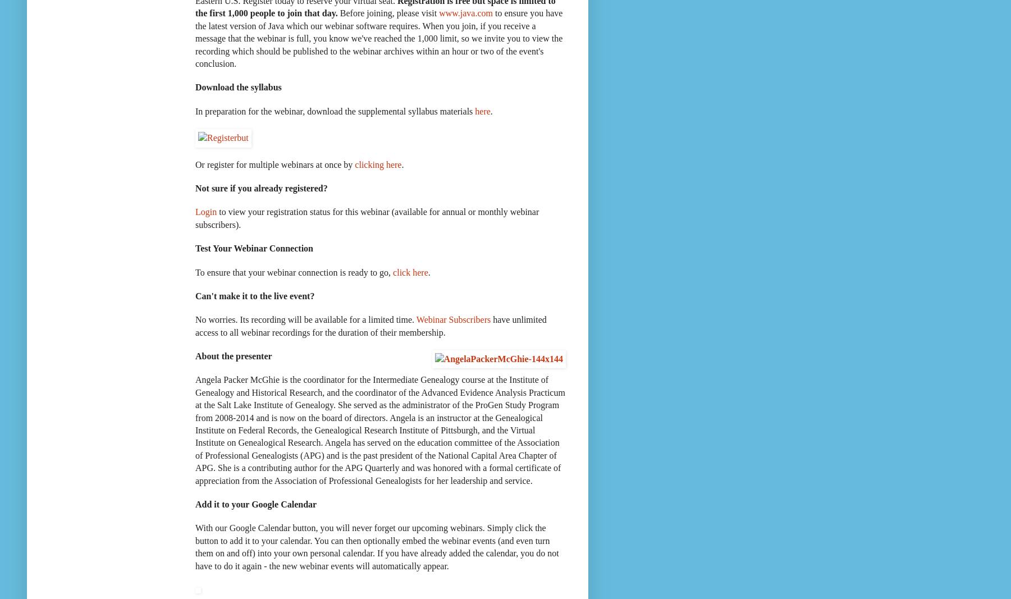 The height and width of the screenshot is (599, 1011). I want to click on 'here', so click(482, 111).